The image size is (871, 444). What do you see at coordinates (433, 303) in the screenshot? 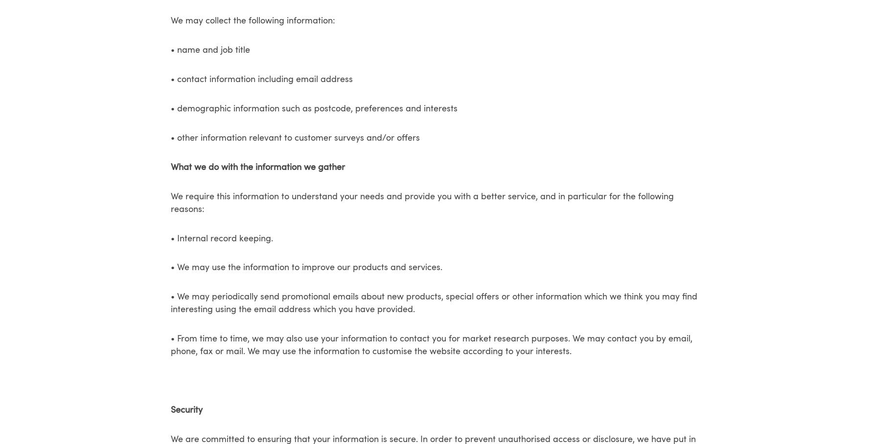
I see `'We may periodically send promotional emails about new products, special offers or other information which we think you may find interesting using the email address which you have provided.'` at bounding box center [433, 303].